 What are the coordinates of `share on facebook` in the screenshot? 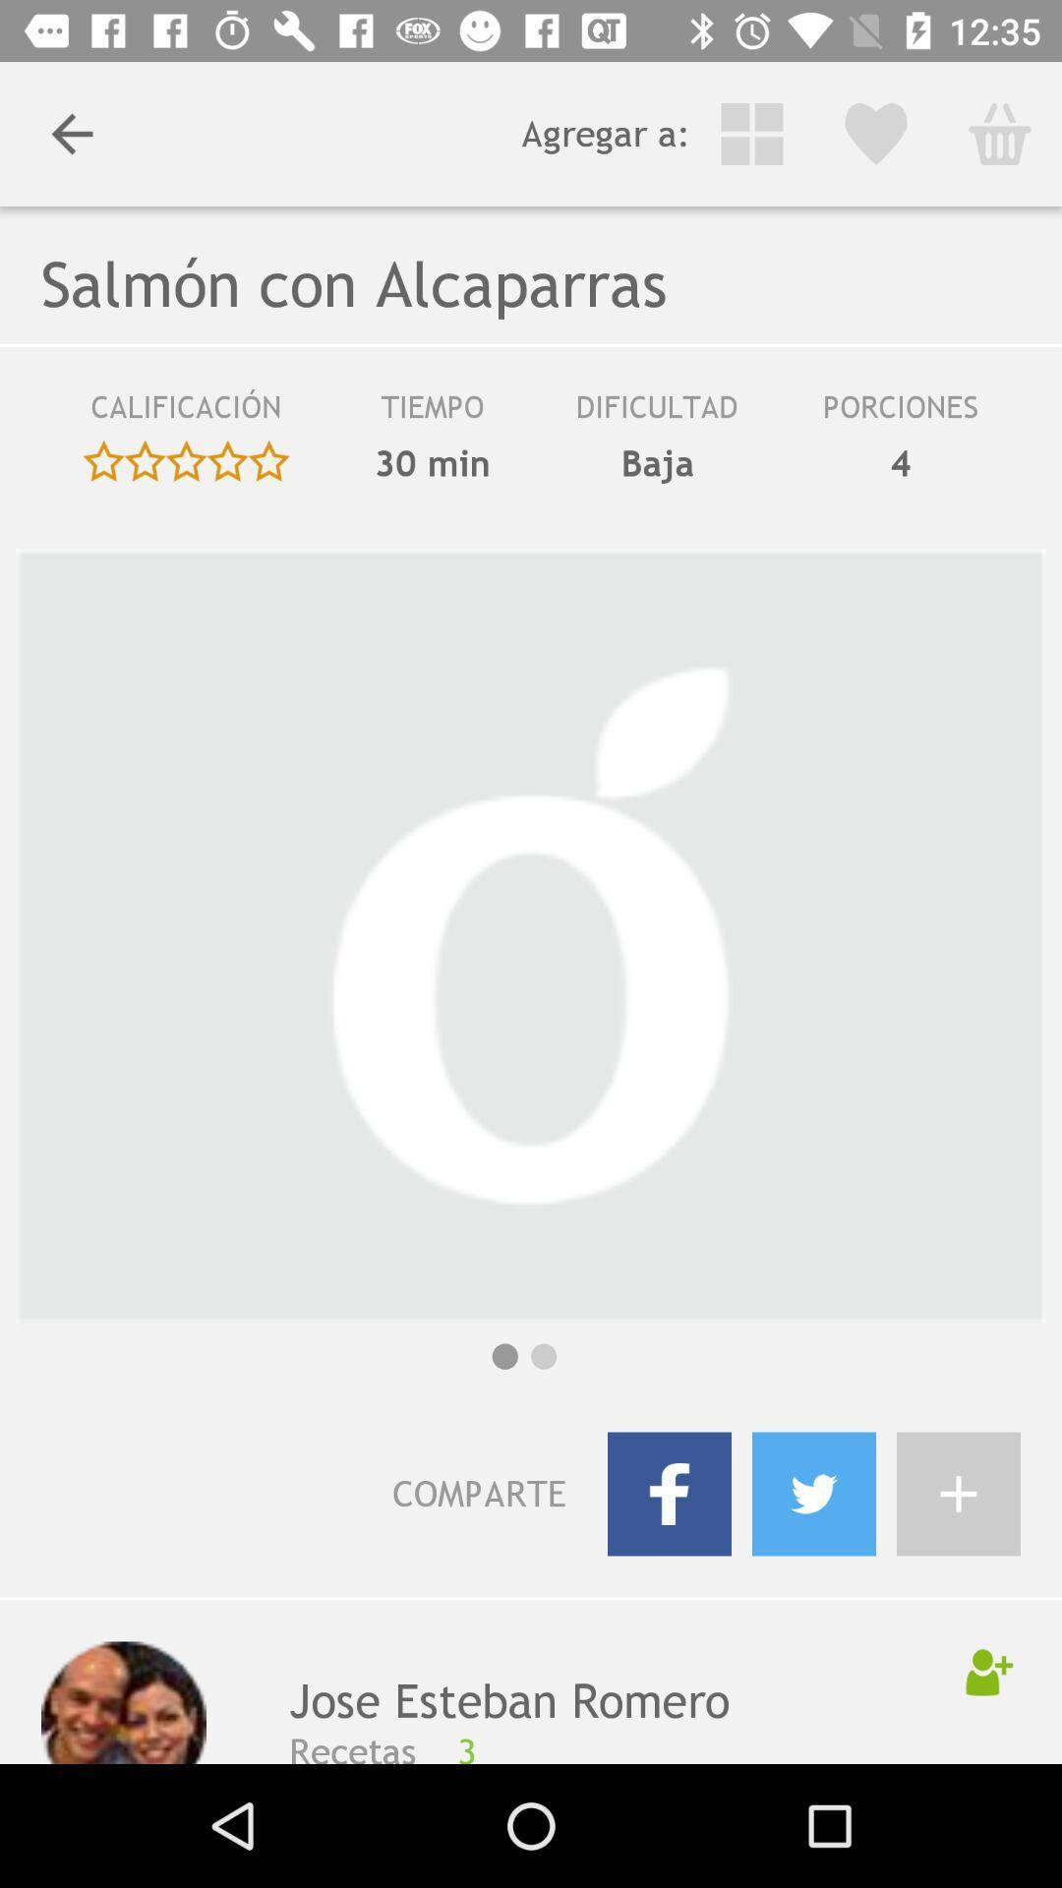 It's located at (669, 1494).